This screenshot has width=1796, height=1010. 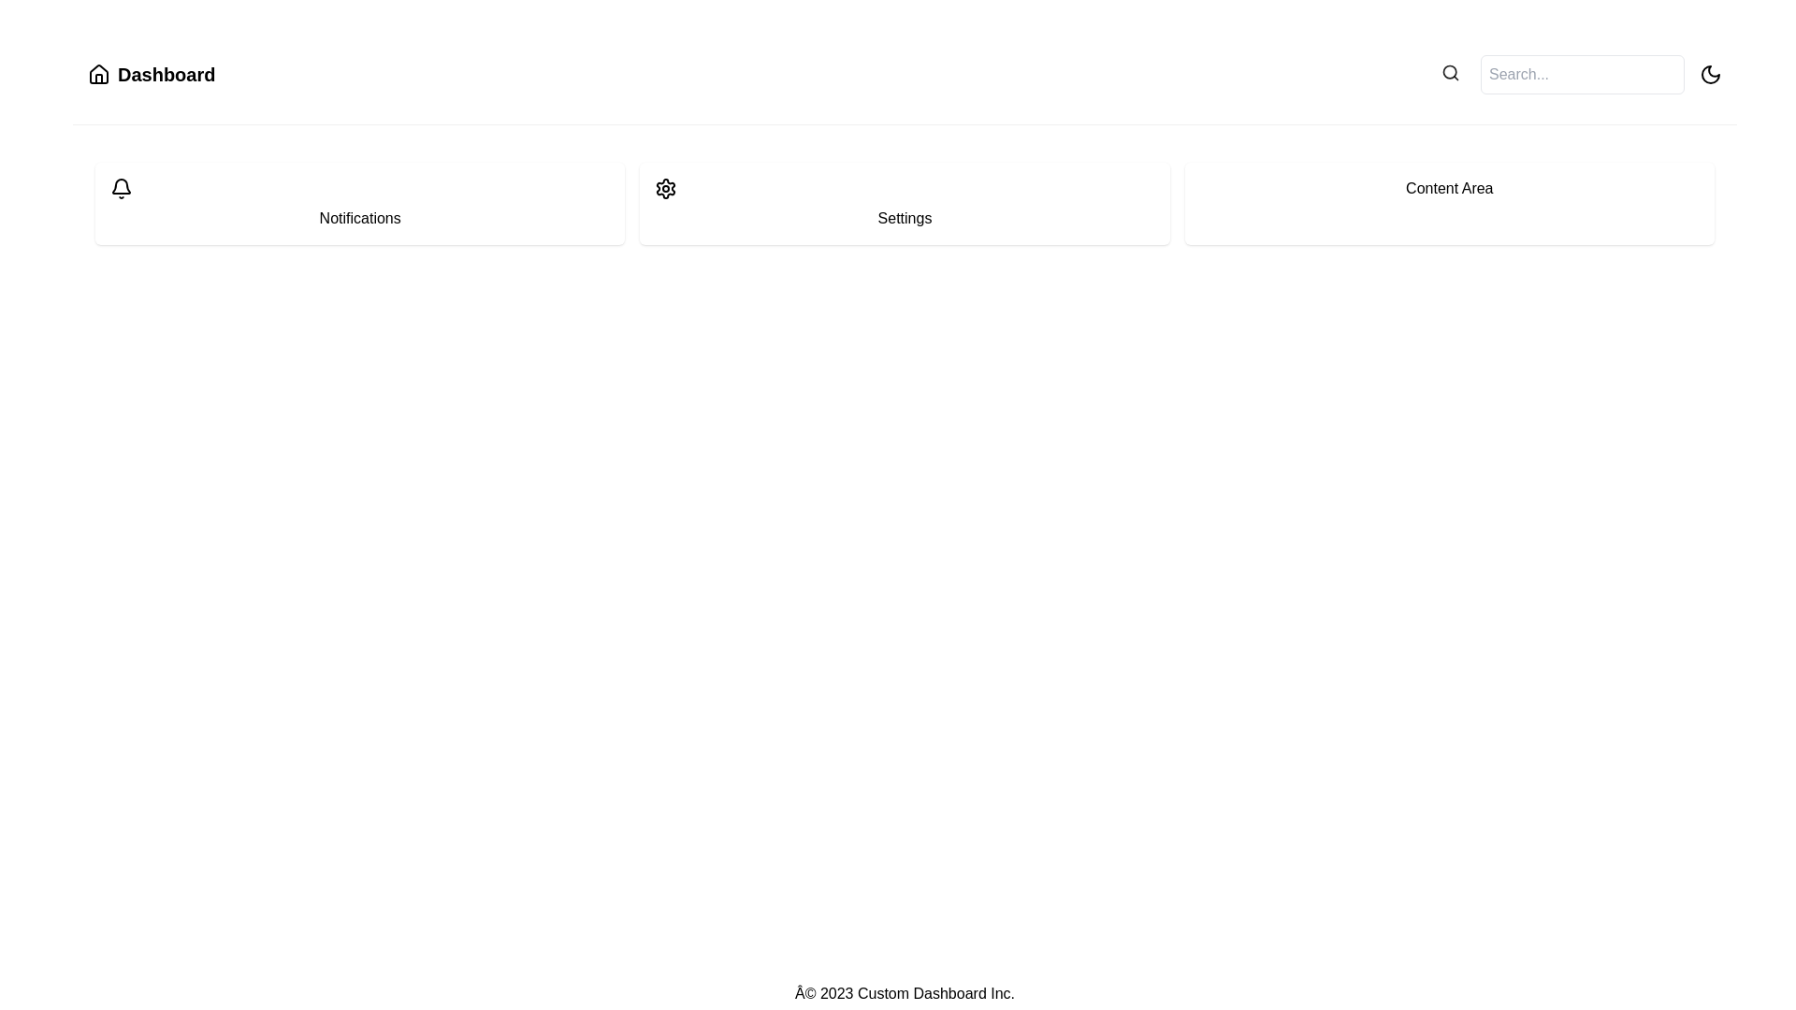 I want to click on the gear icon located within the 'Settings' card, so click(x=666, y=188).